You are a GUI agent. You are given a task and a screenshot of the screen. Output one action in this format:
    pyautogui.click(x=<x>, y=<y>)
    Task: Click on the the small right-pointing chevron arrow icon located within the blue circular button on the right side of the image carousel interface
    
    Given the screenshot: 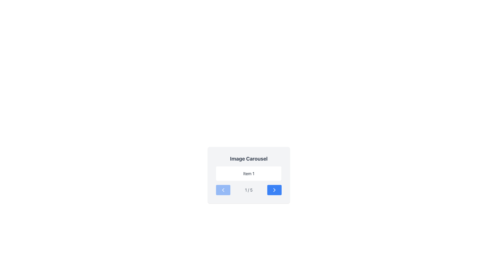 What is the action you would take?
    pyautogui.click(x=274, y=190)
    